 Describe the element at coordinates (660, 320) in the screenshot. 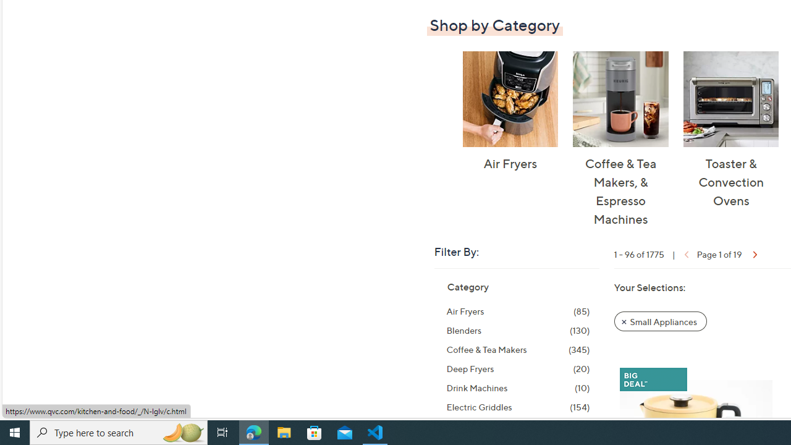

I see `'Small Appliances'` at that location.